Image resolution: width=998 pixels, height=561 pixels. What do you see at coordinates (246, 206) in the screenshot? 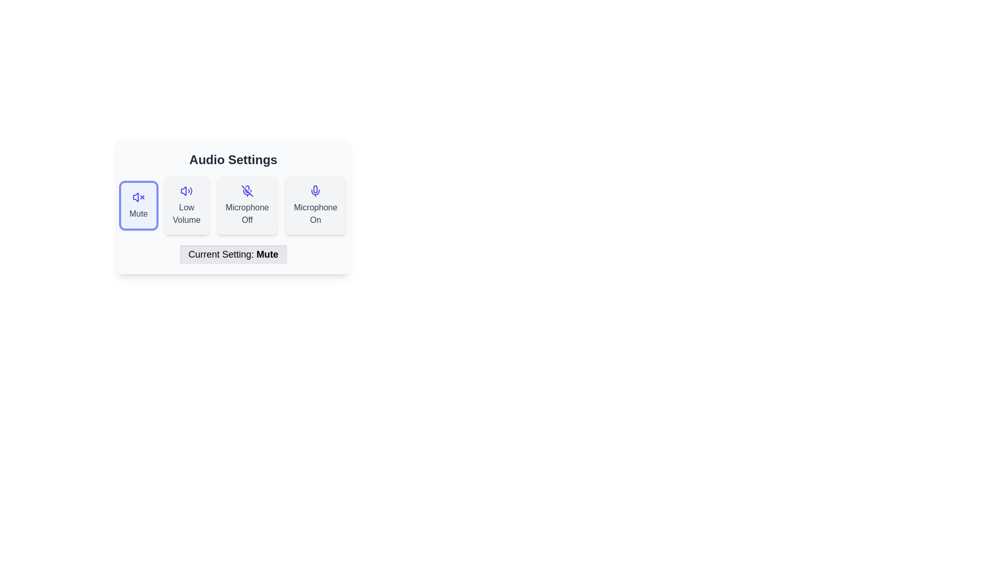
I see `the 'Microphone Off' button, which has a purple microphone icon with a slash and label 'Microphone Off' in dark gray text, to trigger a tooltip or highlight` at bounding box center [246, 206].